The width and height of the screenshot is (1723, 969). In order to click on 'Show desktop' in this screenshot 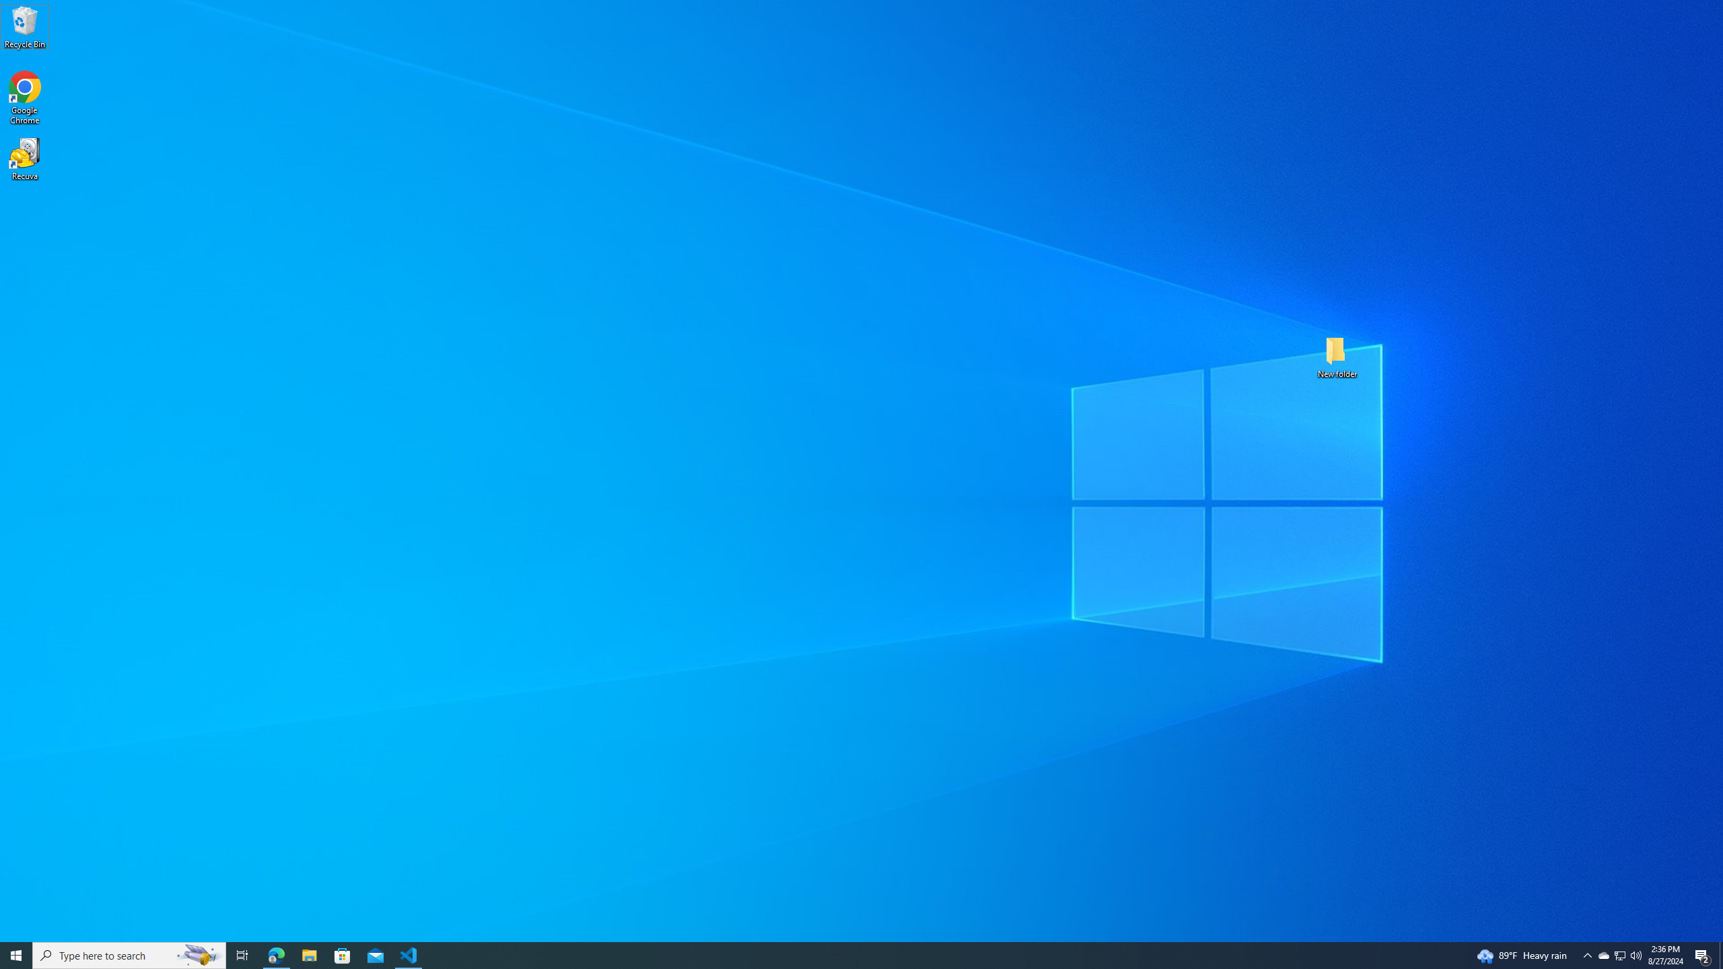, I will do `click(1720, 954)`.